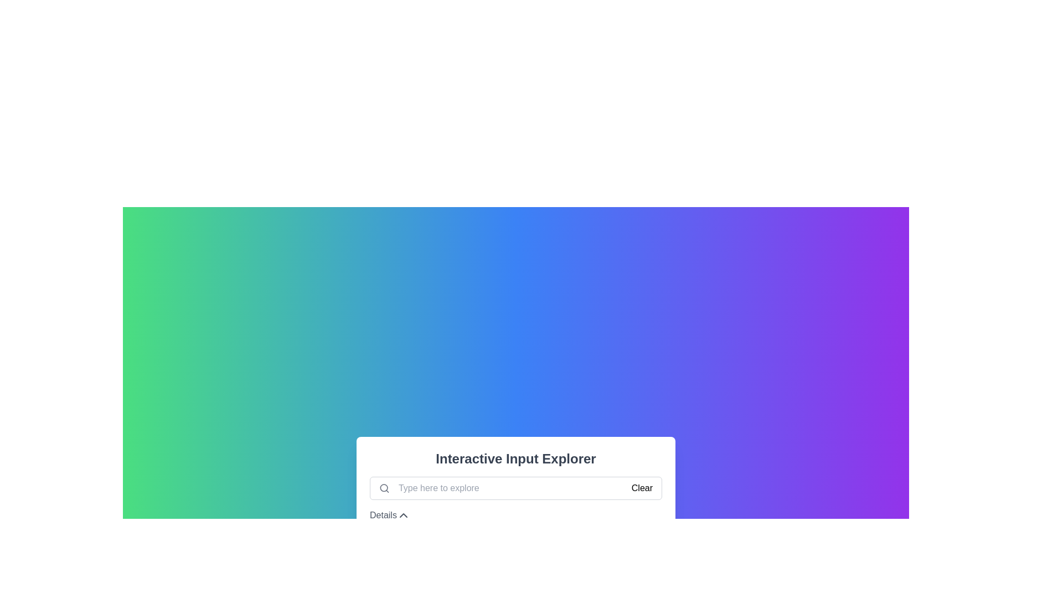  Describe the element at coordinates (403, 515) in the screenshot. I see `the interactive toggle icon located to the right of the 'Details' text in the 'Interactive Input Explorer' section` at that location.